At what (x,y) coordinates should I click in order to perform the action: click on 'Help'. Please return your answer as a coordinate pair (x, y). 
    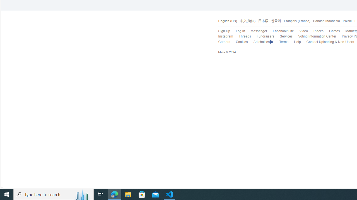
    Looking at the image, I should click on (294, 42).